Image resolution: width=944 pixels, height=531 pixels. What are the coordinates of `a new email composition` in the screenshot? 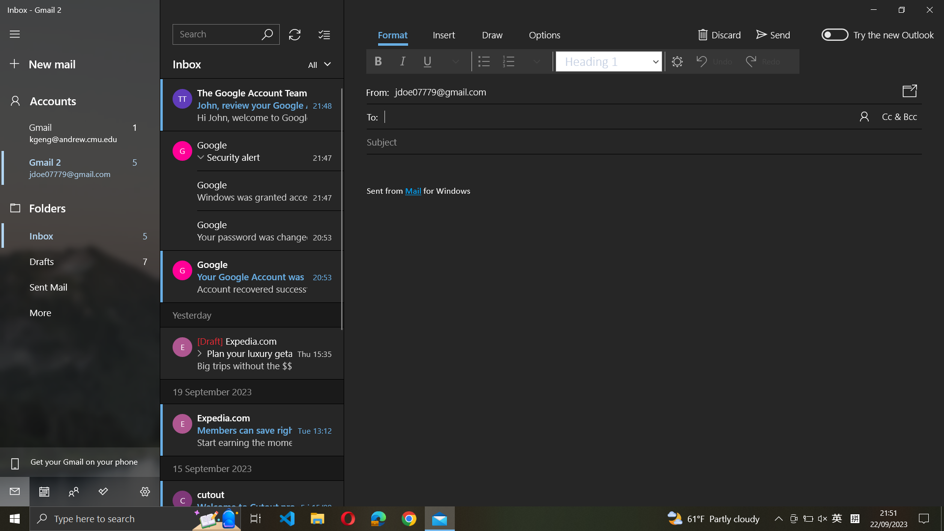 It's located at (81, 64).